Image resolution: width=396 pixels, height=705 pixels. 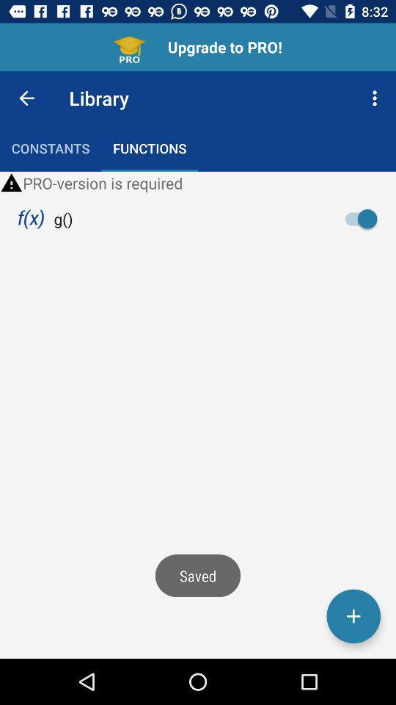 I want to click on the item next to the library, so click(x=376, y=97).